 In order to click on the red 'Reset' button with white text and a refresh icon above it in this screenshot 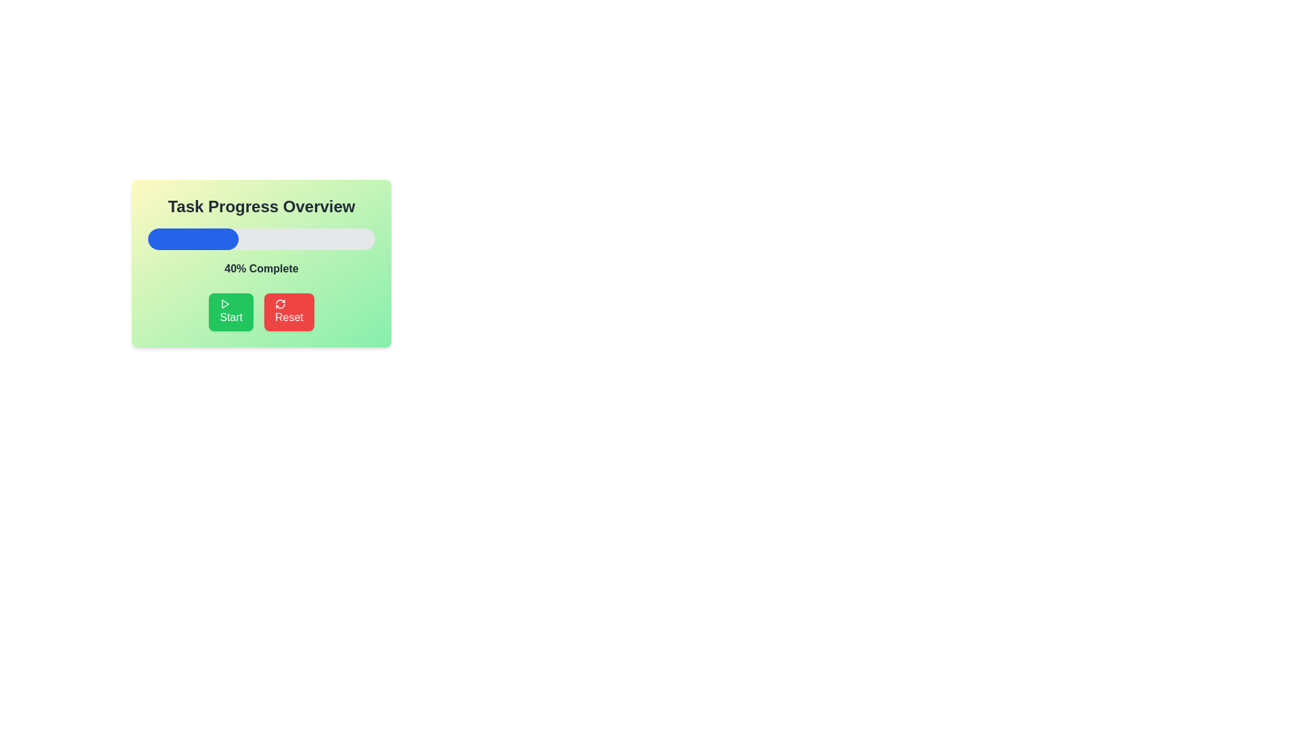, I will do `click(288, 312)`.